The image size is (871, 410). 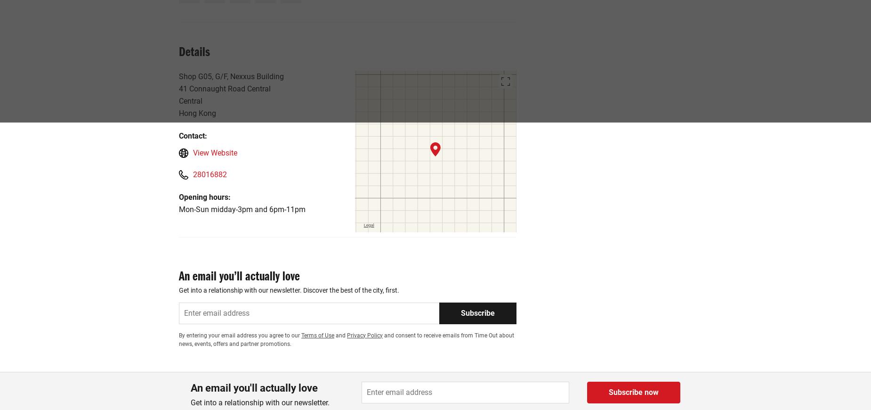 I want to click on 'Privacy Policy', so click(x=364, y=335).